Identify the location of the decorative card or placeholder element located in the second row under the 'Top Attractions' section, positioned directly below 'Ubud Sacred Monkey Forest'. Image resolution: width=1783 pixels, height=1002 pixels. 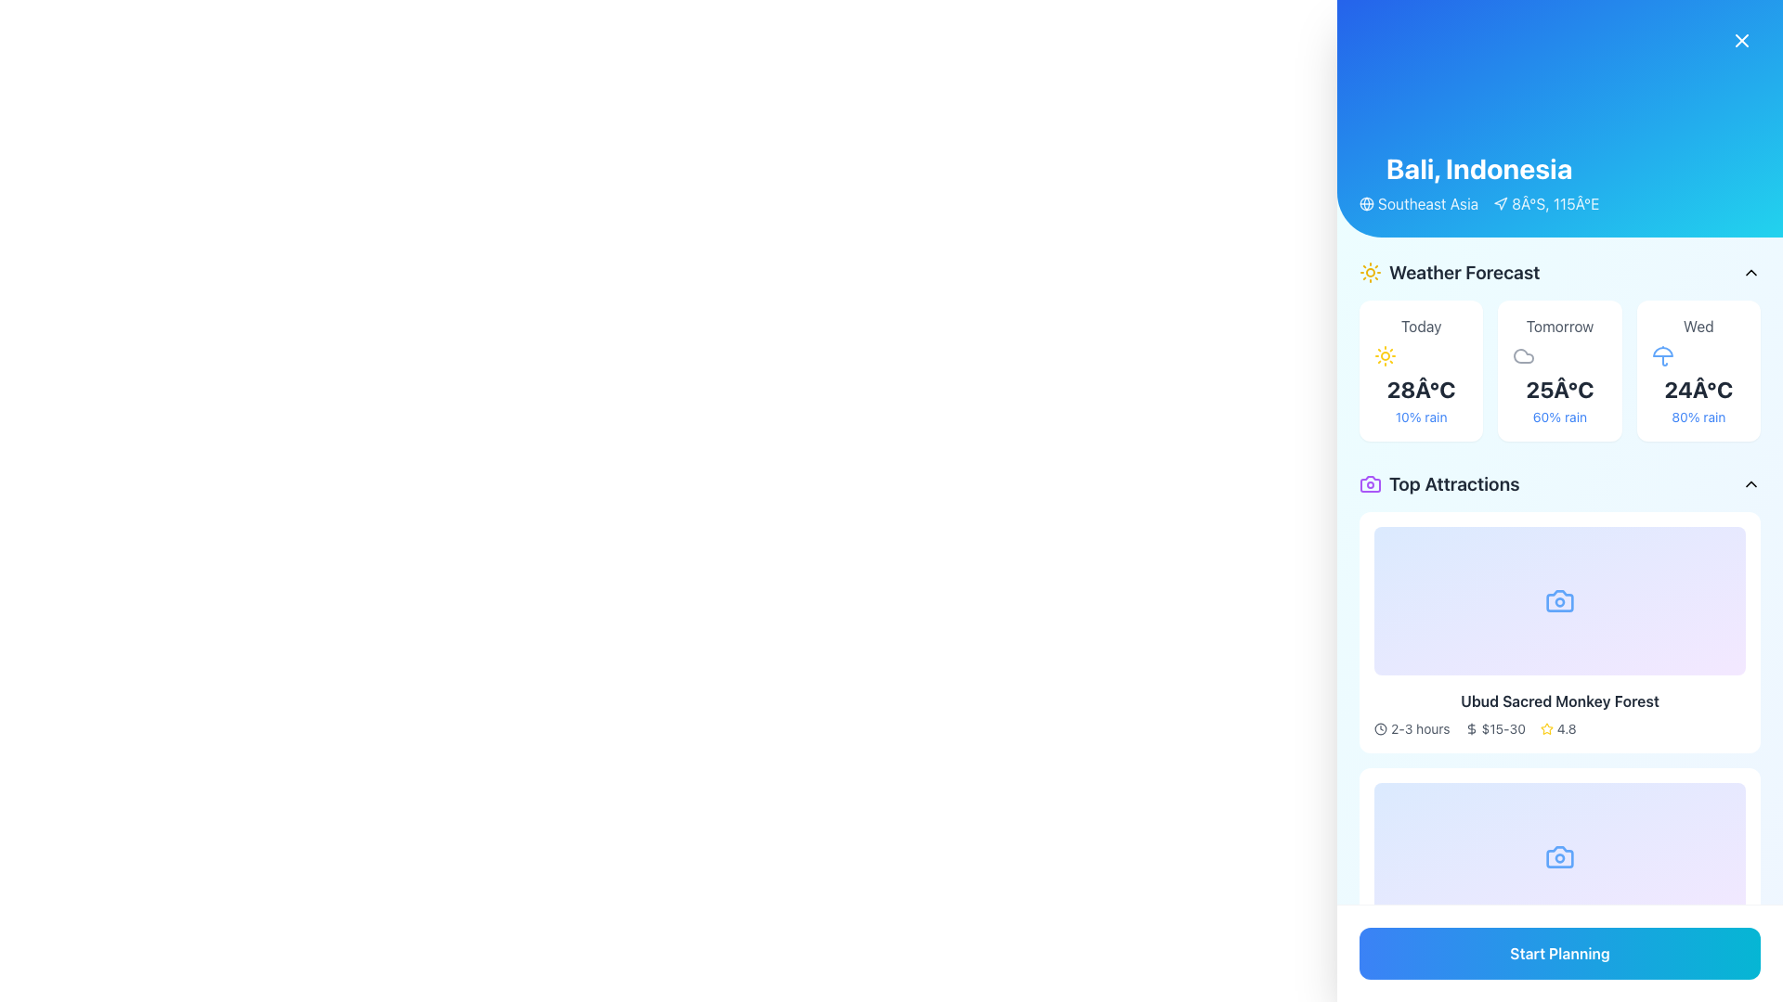
(1560, 857).